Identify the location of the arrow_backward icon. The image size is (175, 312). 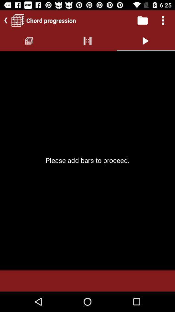
(4, 20).